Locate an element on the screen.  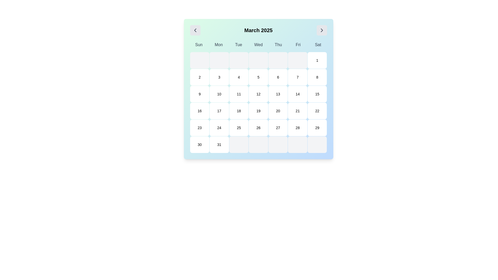
the last calendar cell in the bottom-right corner of the calendar grid, which has a light gray background and rounded corners is located at coordinates (317, 145).